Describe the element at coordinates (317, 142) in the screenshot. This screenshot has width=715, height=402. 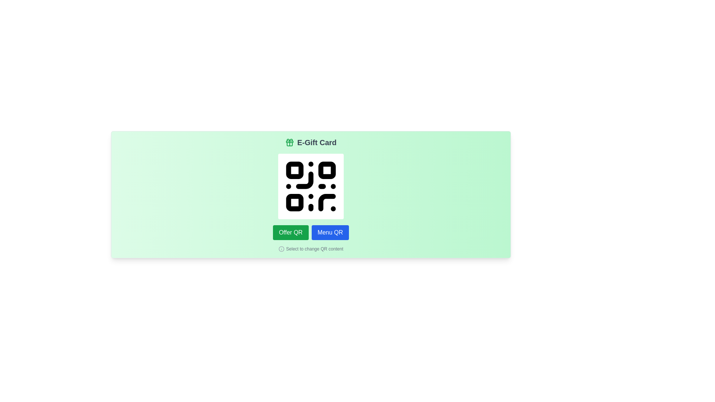
I see `text label indicating 'E-Gift Card' which is positioned to the right of a green gift box icon within a horizontal flexbox at the top center of the green card` at that location.